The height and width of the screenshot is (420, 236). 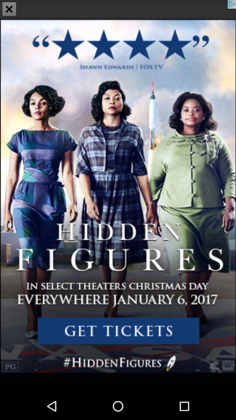 What do you see at coordinates (9, 9) in the screenshot?
I see `the close icon` at bounding box center [9, 9].